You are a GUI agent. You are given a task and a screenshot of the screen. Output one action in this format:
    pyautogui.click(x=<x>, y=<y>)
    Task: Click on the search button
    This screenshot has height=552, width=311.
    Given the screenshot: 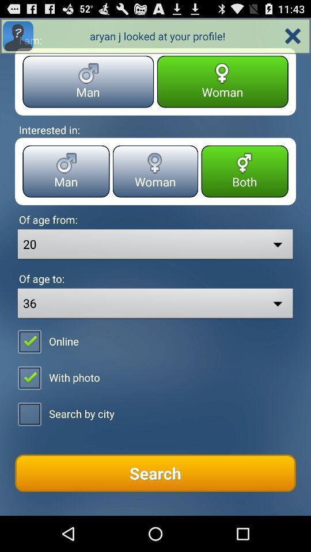 What is the action you would take?
    pyautogui.click(x=155, y=473)
    